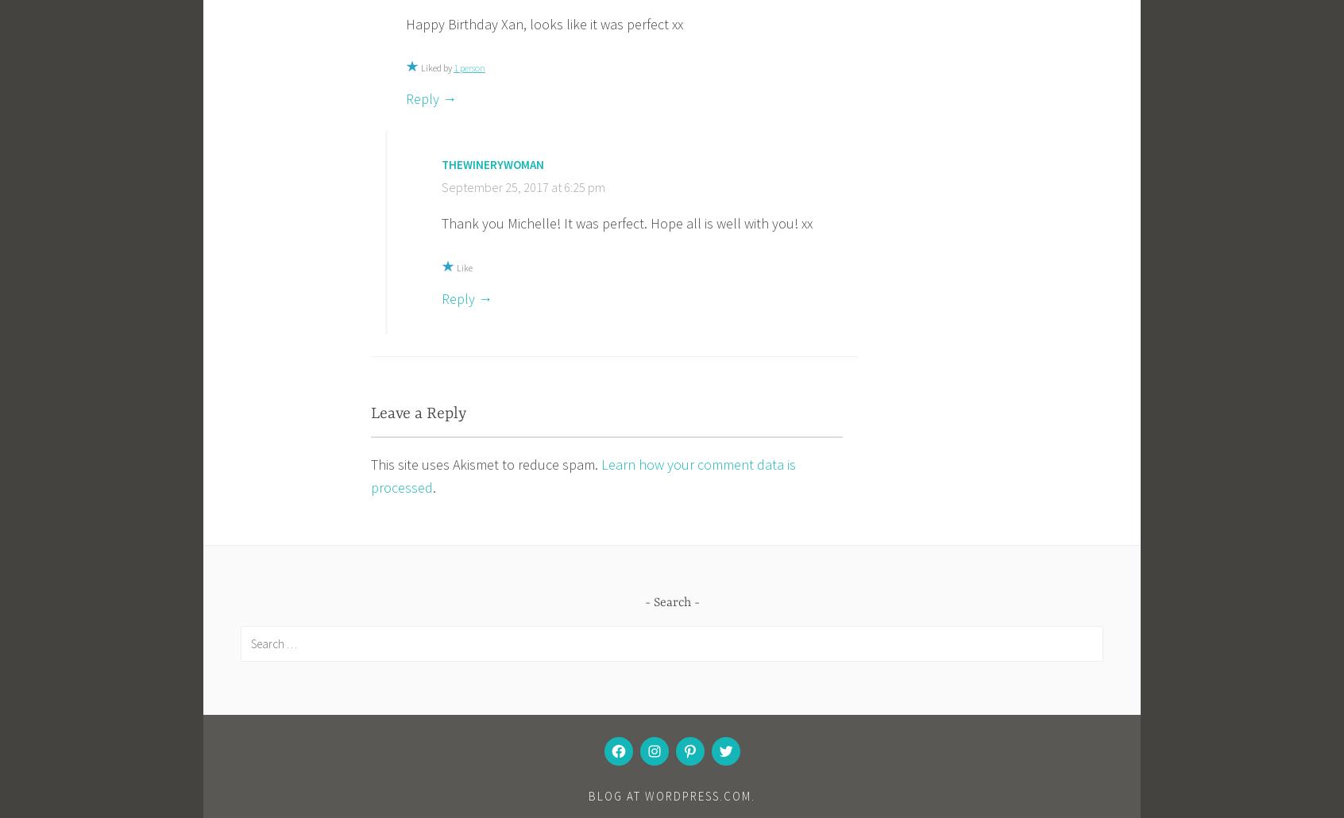  I want to click on 'Sitges', so click(605, 436).